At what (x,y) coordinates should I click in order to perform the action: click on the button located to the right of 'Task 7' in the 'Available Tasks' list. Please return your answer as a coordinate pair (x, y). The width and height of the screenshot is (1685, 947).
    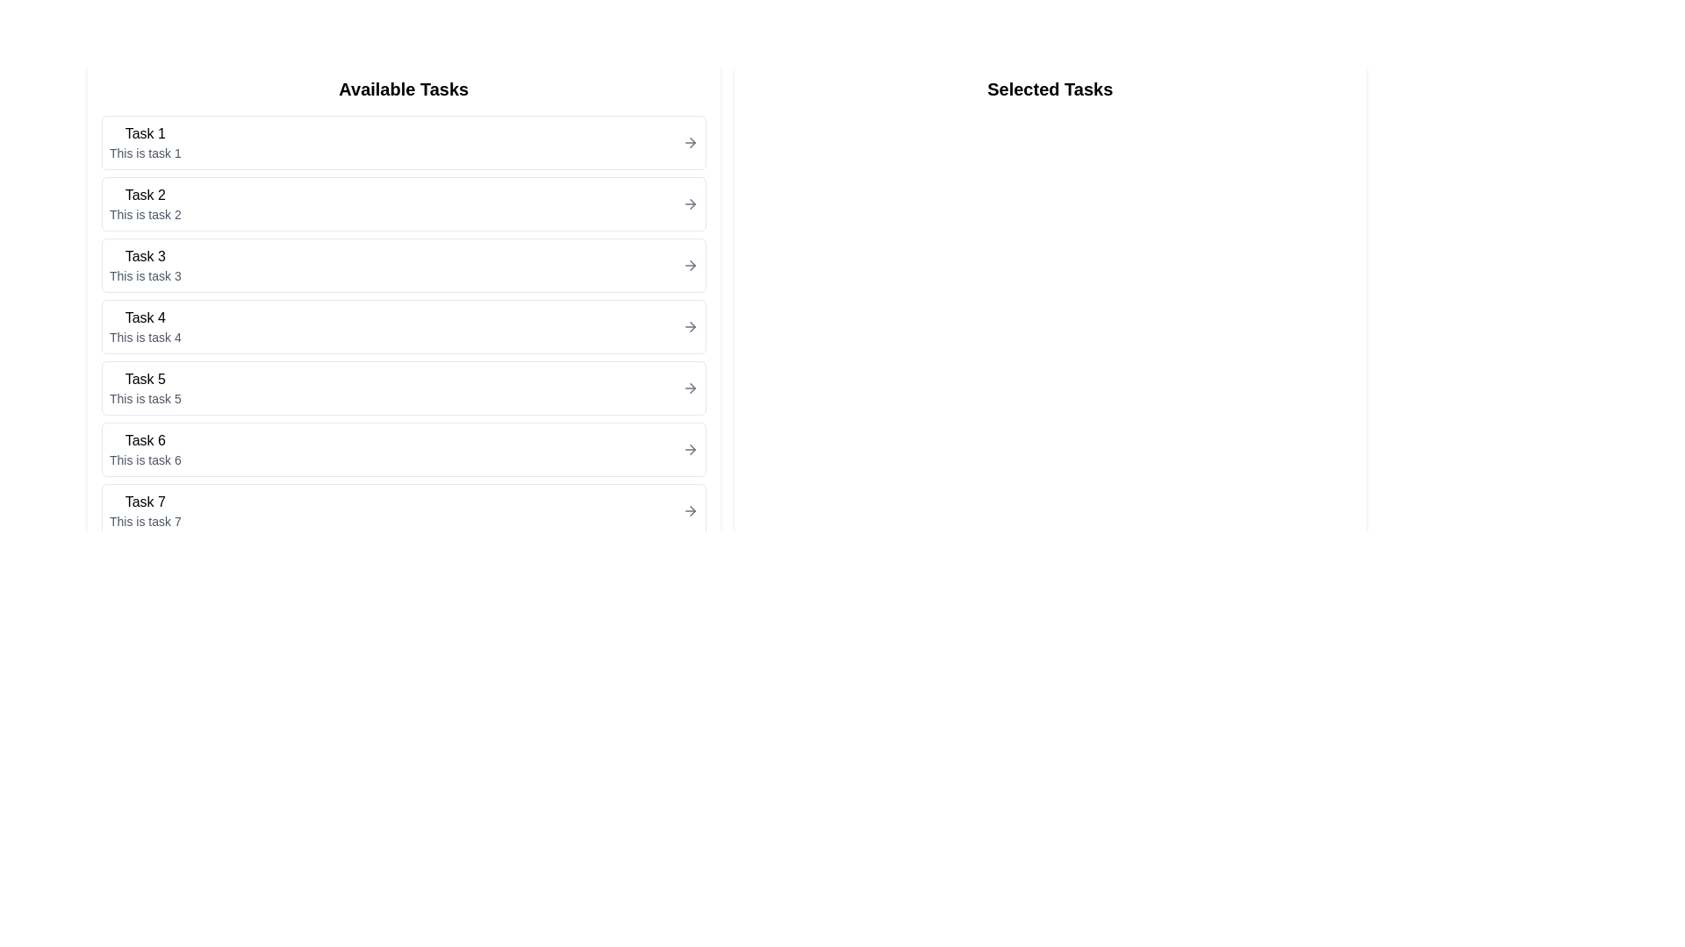
    Looking at the image, I should click on (689, 510).